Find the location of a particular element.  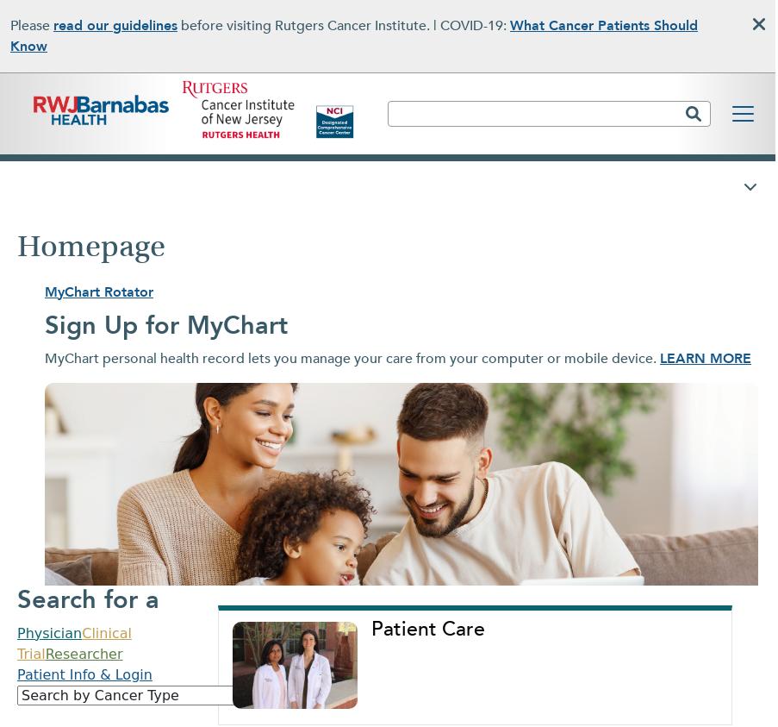

'ABOUT US' is located at coordinates (22, 713).